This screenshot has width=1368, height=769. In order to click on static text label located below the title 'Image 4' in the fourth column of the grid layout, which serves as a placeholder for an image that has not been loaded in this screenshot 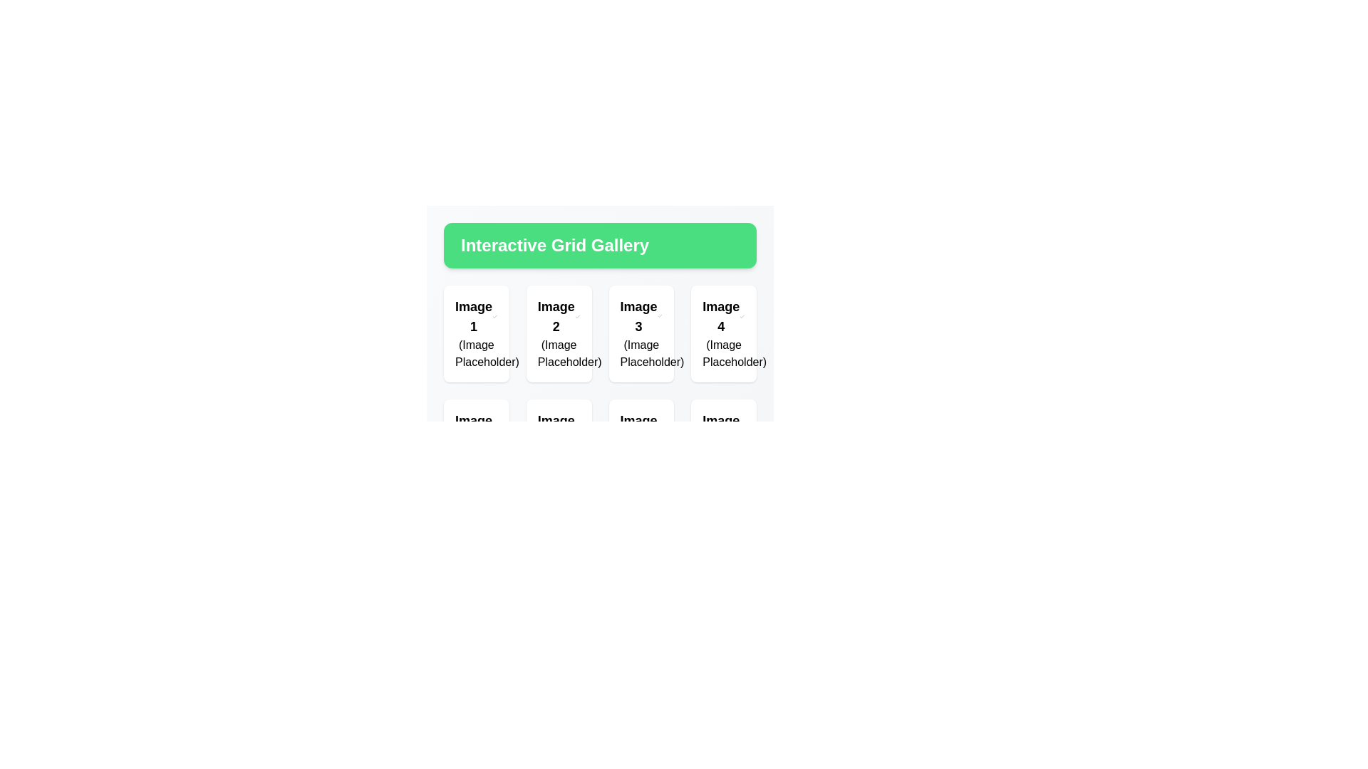, I will do `click(724, 353)`.